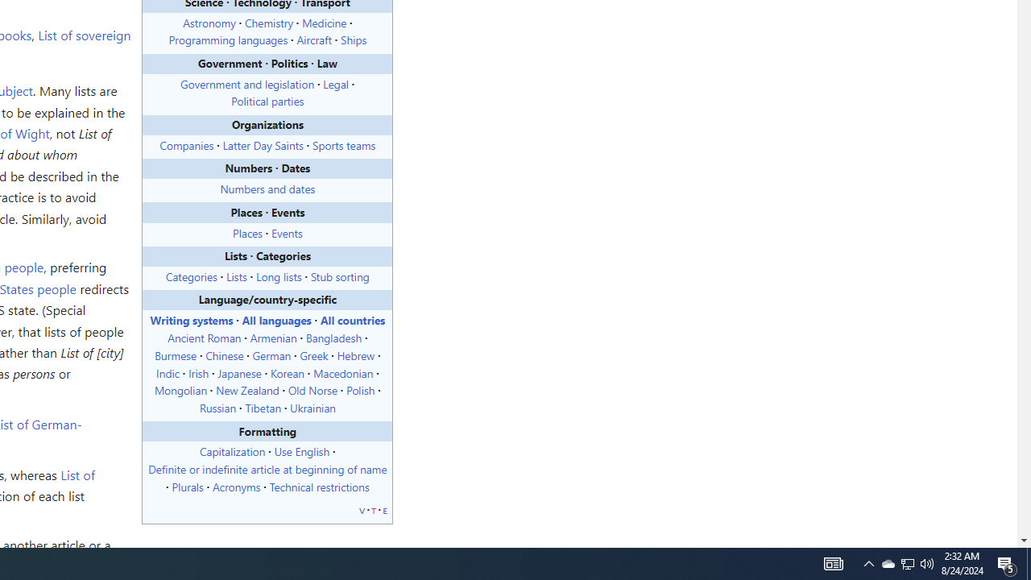 The height and width of the screenshot is (580, 1031). What do you see at coordinates (217, 407) in the screenshot?
I see `'Russian'` at bounding box center [217, 407].